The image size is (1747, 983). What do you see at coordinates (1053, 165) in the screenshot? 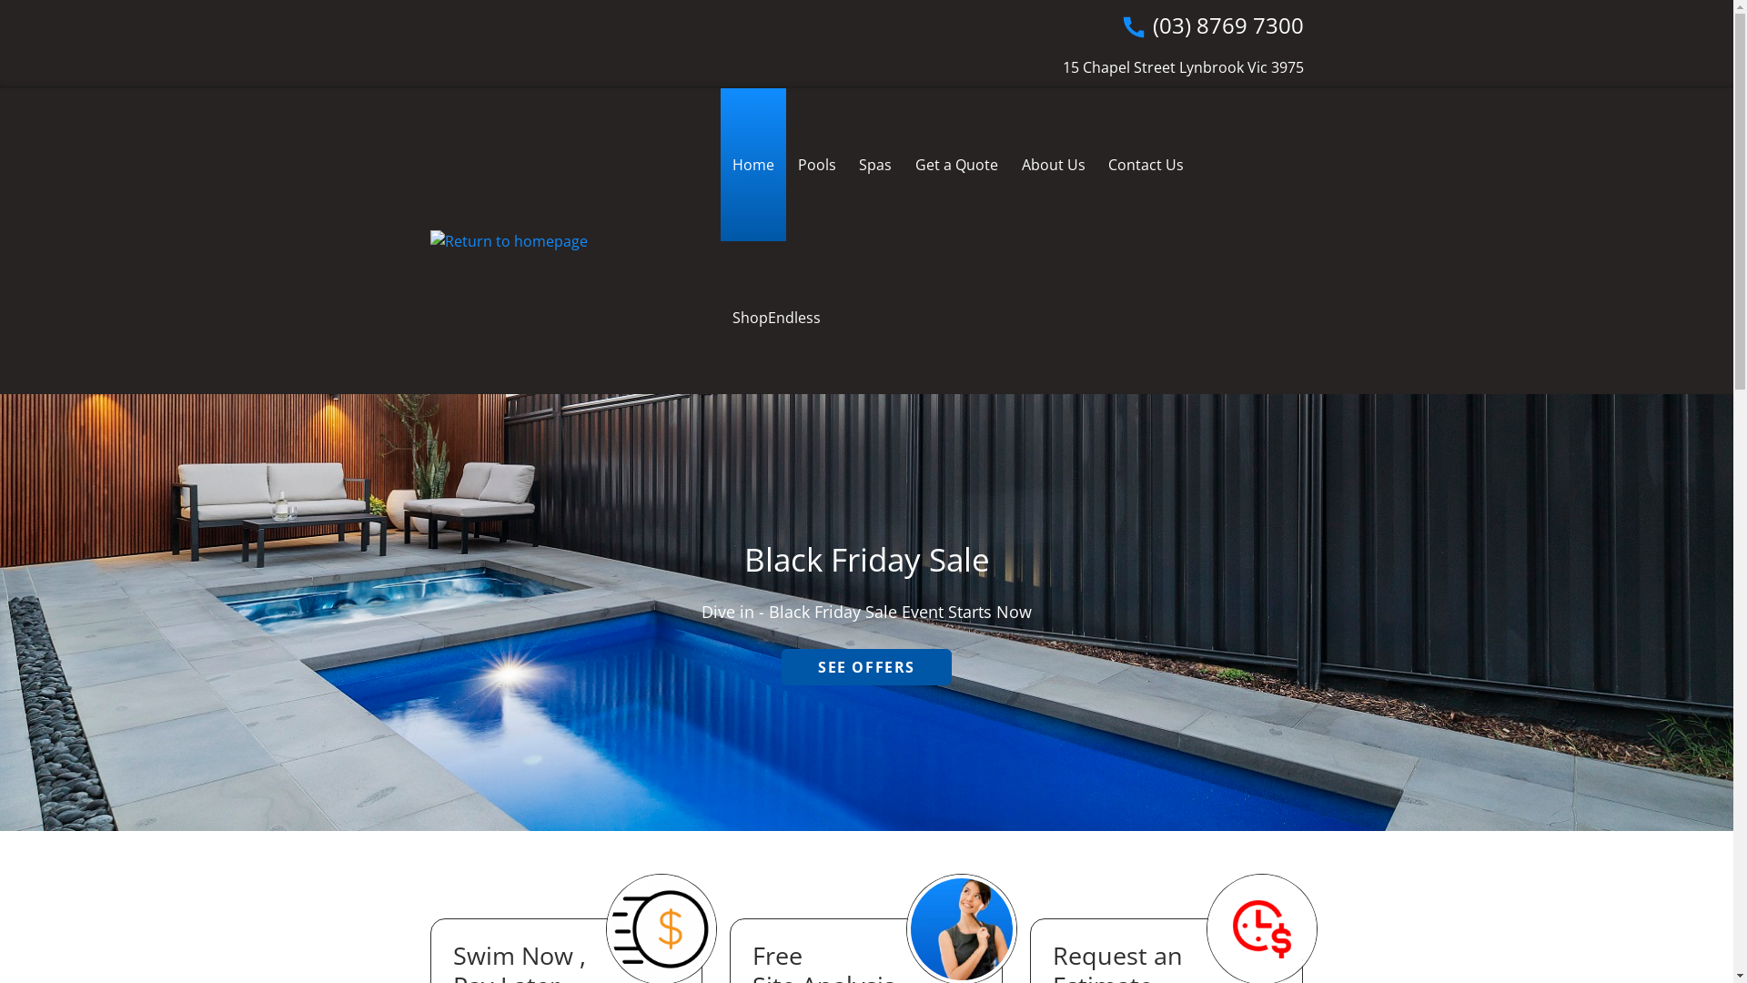
I see `'About Us'` at bounding box center [1053, 165].